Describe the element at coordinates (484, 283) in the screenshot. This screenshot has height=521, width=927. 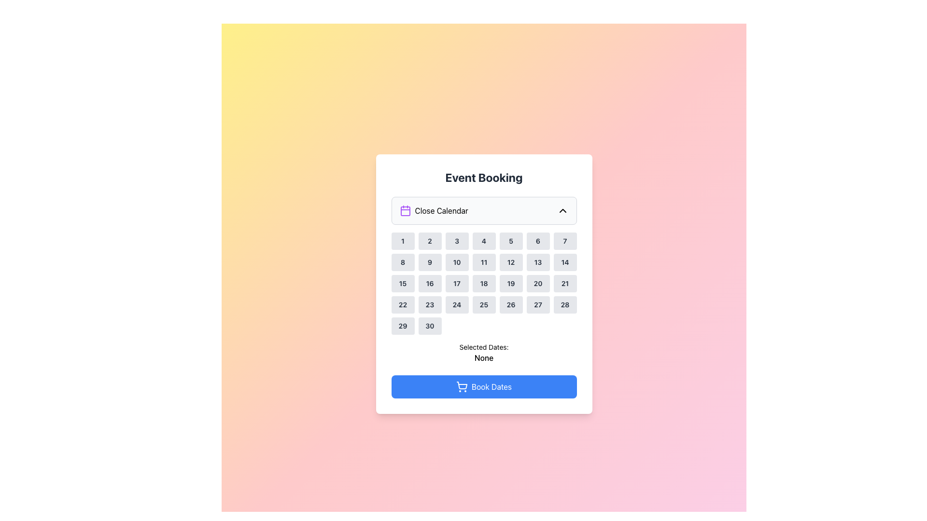
I see `the button representing the 18th day in the calendar` at that location.